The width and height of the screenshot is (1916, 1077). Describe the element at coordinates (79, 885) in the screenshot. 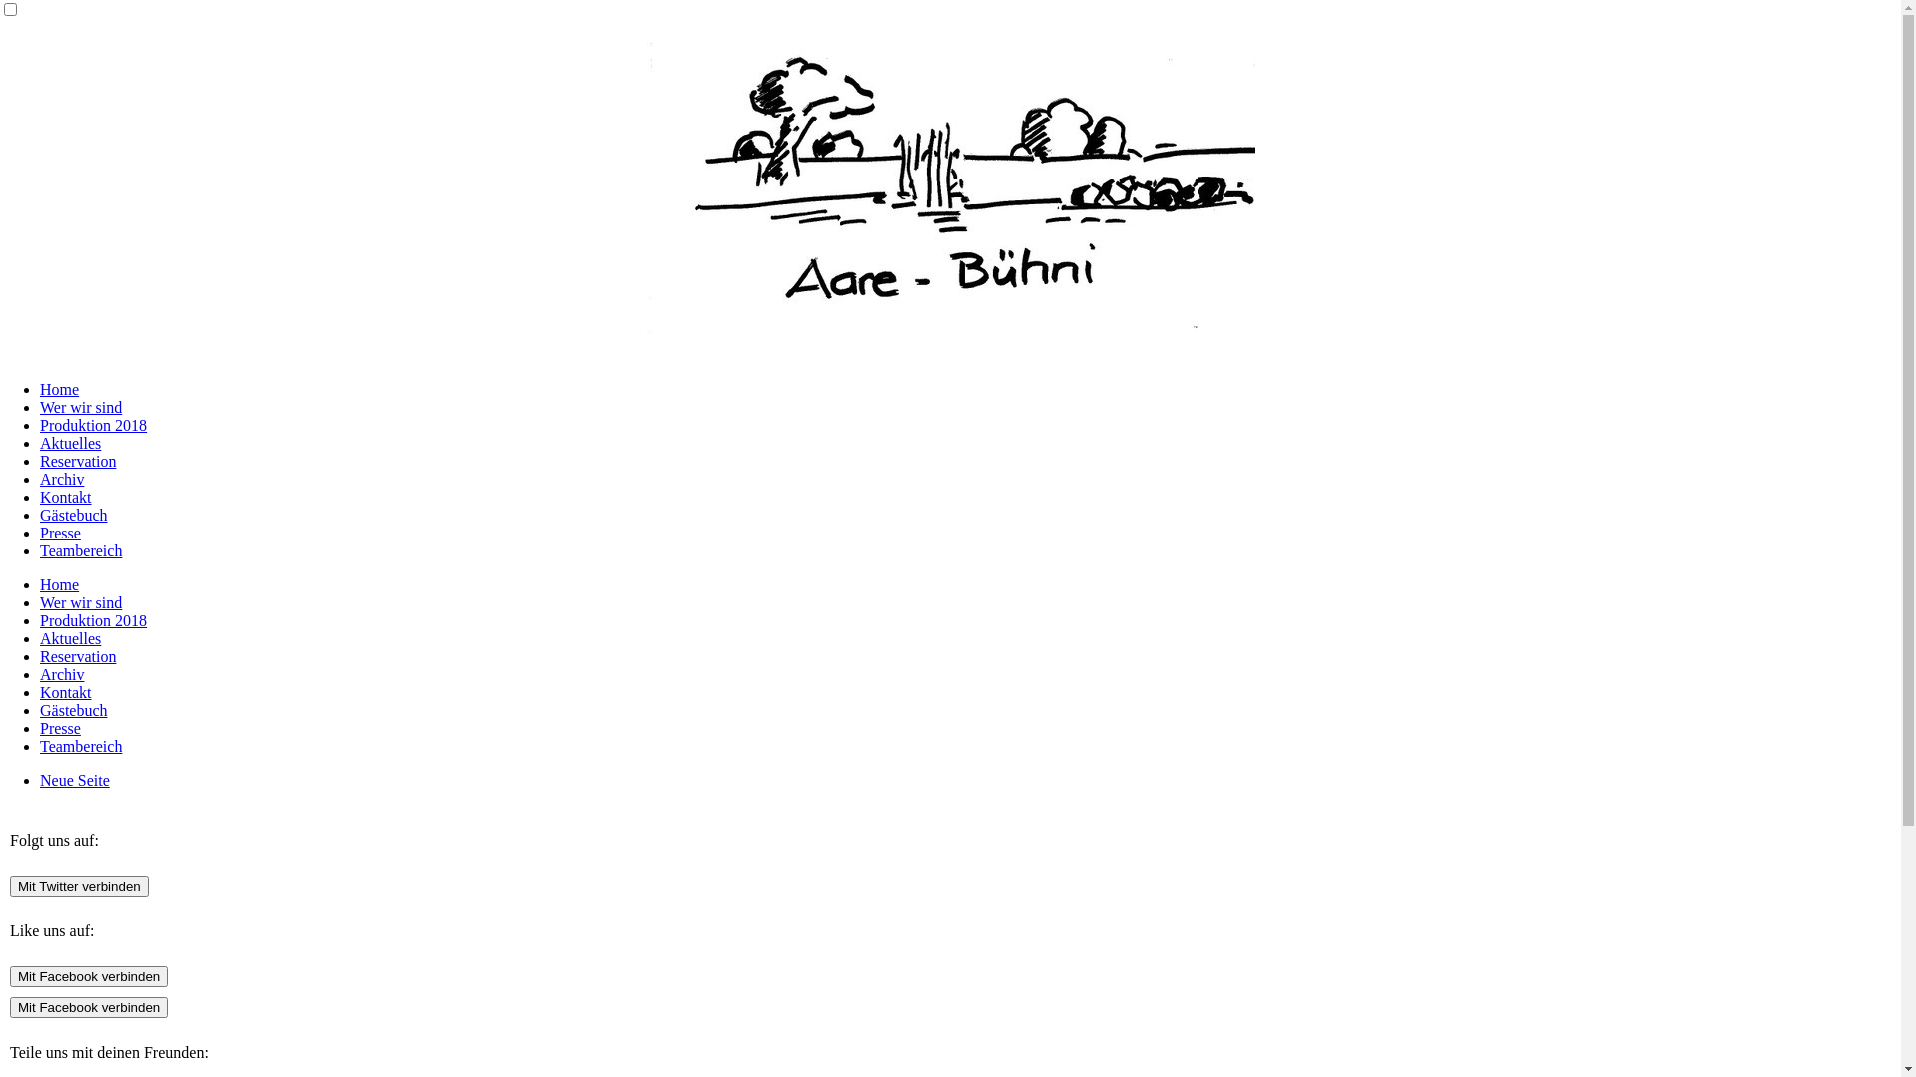

I see `'Mit Twitter verbinden'` at that location.